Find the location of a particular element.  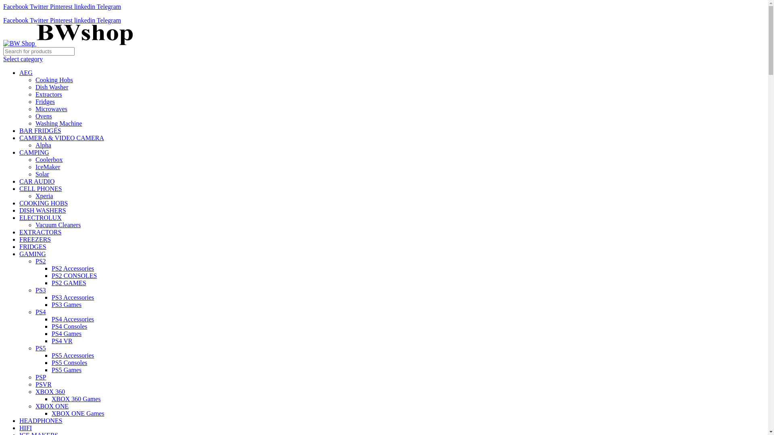

'PS4 VR' is located at coordinates (61, 341).